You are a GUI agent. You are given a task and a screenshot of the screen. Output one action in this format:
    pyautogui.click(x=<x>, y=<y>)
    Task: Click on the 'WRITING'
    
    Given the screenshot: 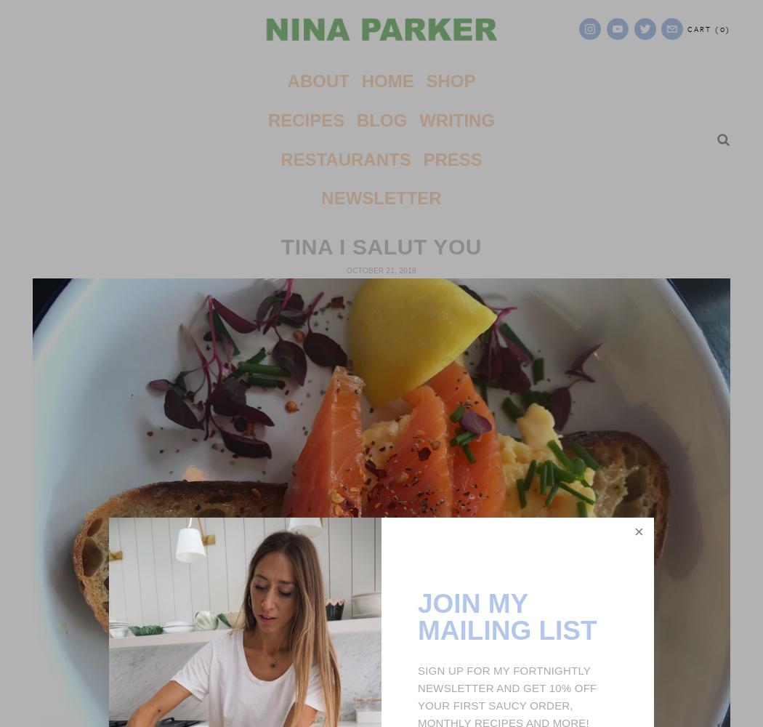 What is the action you would take?
    pyautogui.click(x=456, y=119)
    